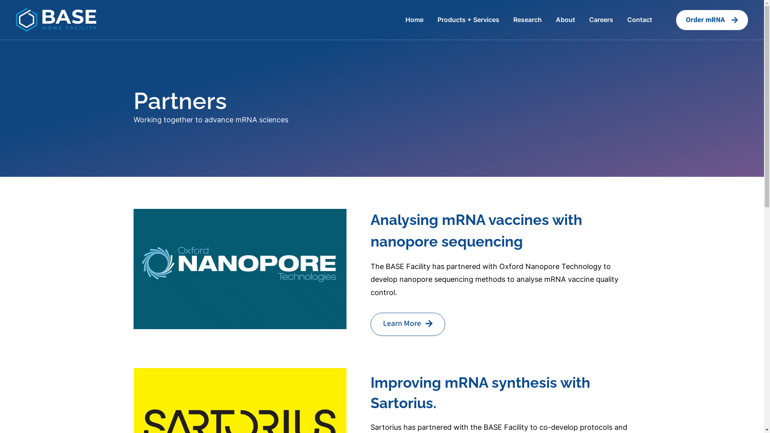 This screenshot has width=770, height=433. I want to click on 'Products + Services', so click(468, 19).